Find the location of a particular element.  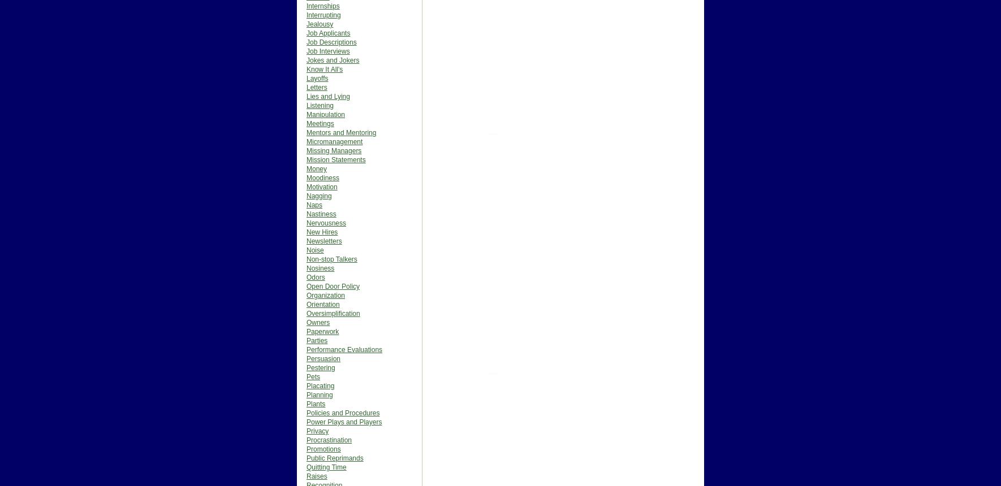

'Internships' is located at coordinates (323, 6).